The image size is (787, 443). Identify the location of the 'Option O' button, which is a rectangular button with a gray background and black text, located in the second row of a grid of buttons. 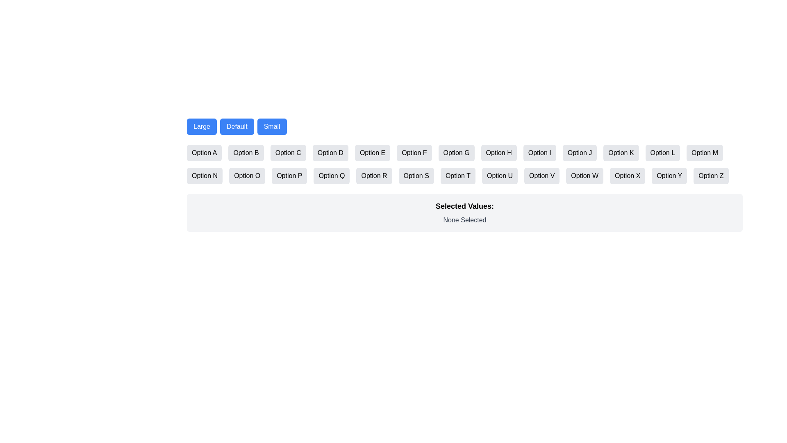
(247, 175).